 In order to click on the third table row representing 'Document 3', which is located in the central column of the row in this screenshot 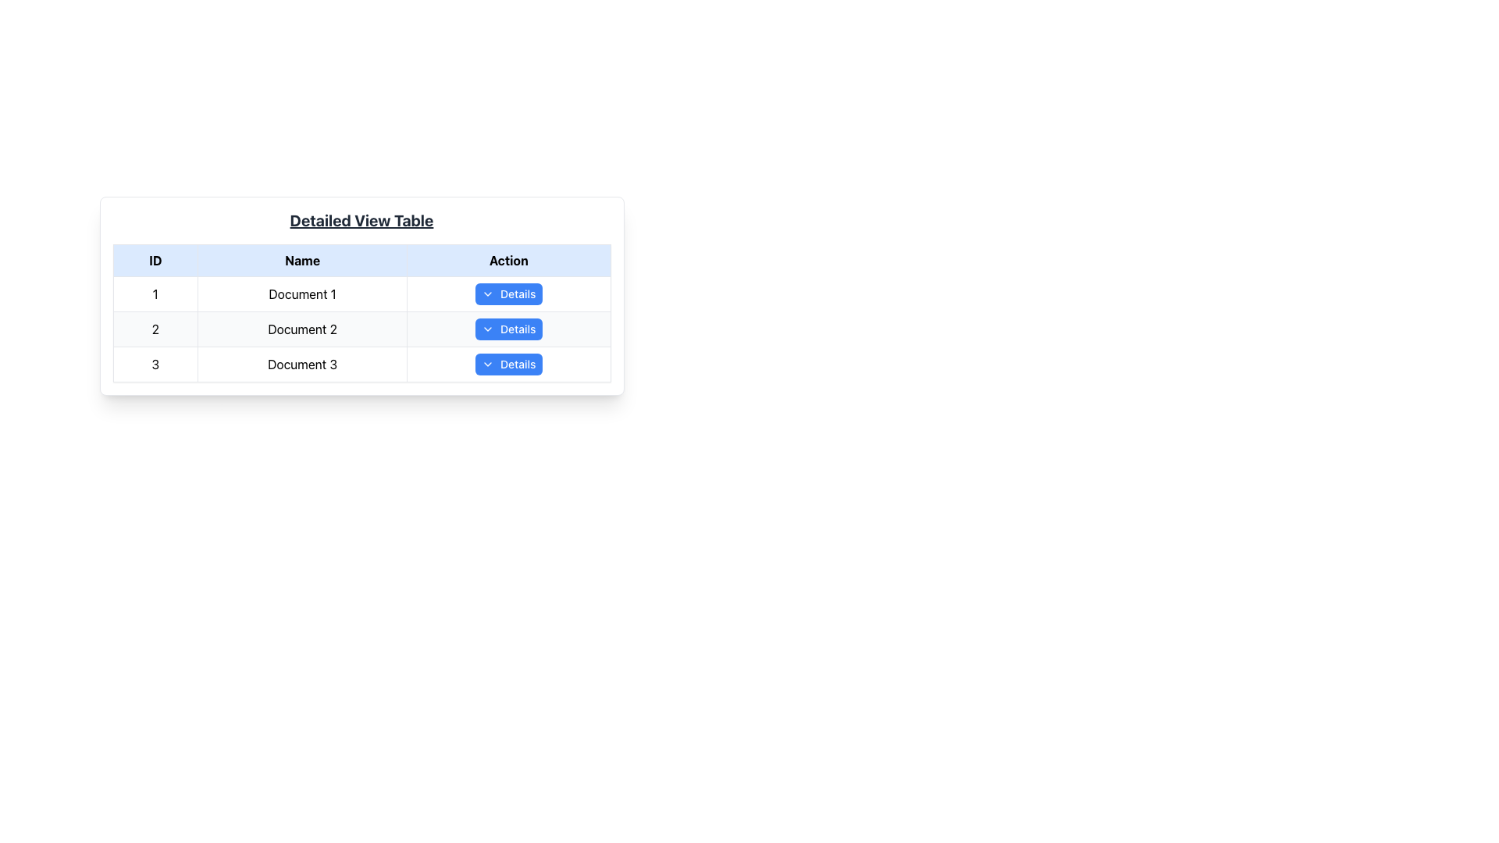, I will do `click(361, 364)`.